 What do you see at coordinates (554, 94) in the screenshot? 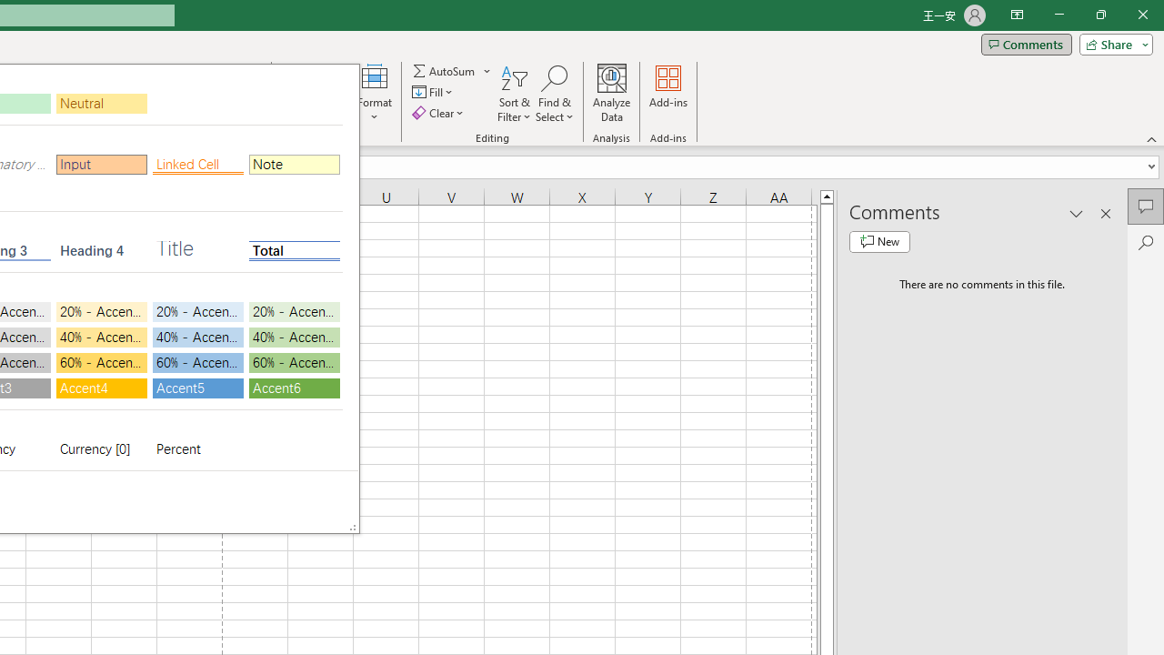
I see `'Find & Select'` at bounding box center [554, 94].